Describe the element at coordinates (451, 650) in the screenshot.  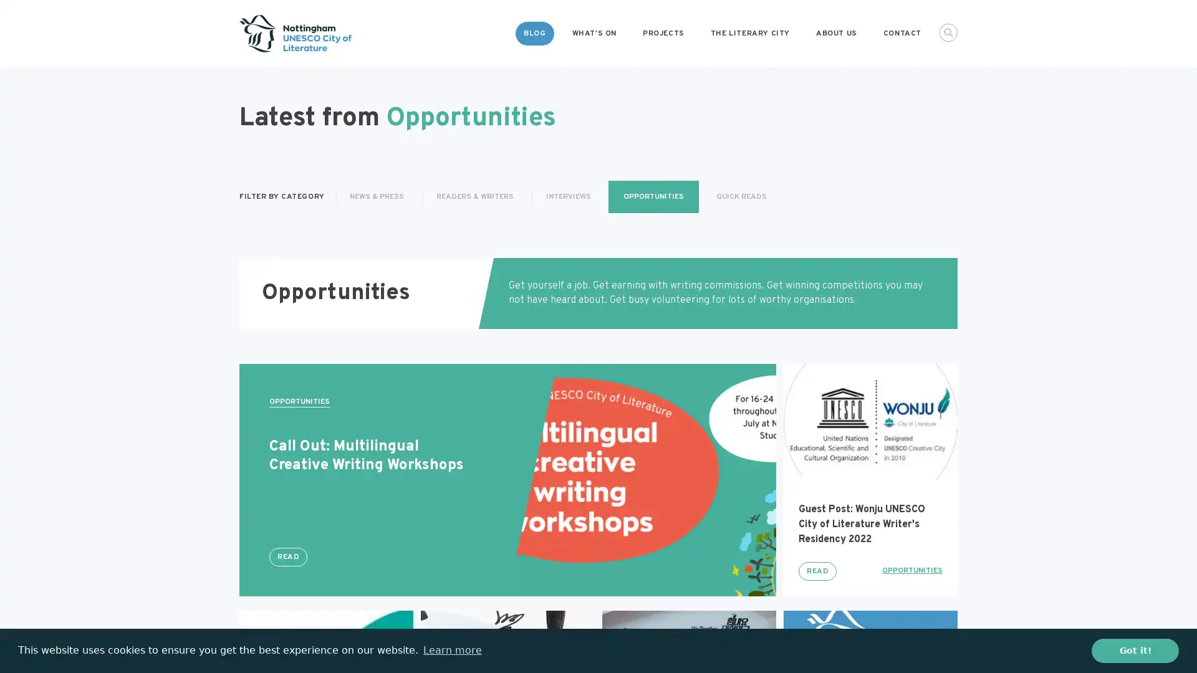
I see `learn more about cookies` at that location.